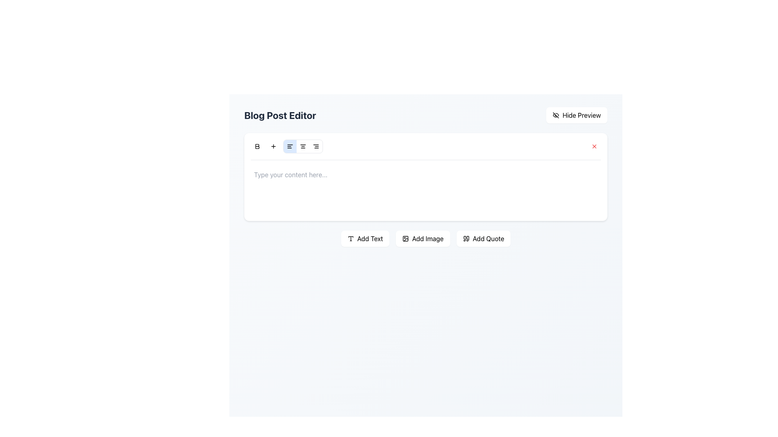 This screenshot has width=778, height=437. Describe the element at coordinates (274, 146) in the screenshot. I see `the first button in the toolbar of the Blog Post Editor` at that location.